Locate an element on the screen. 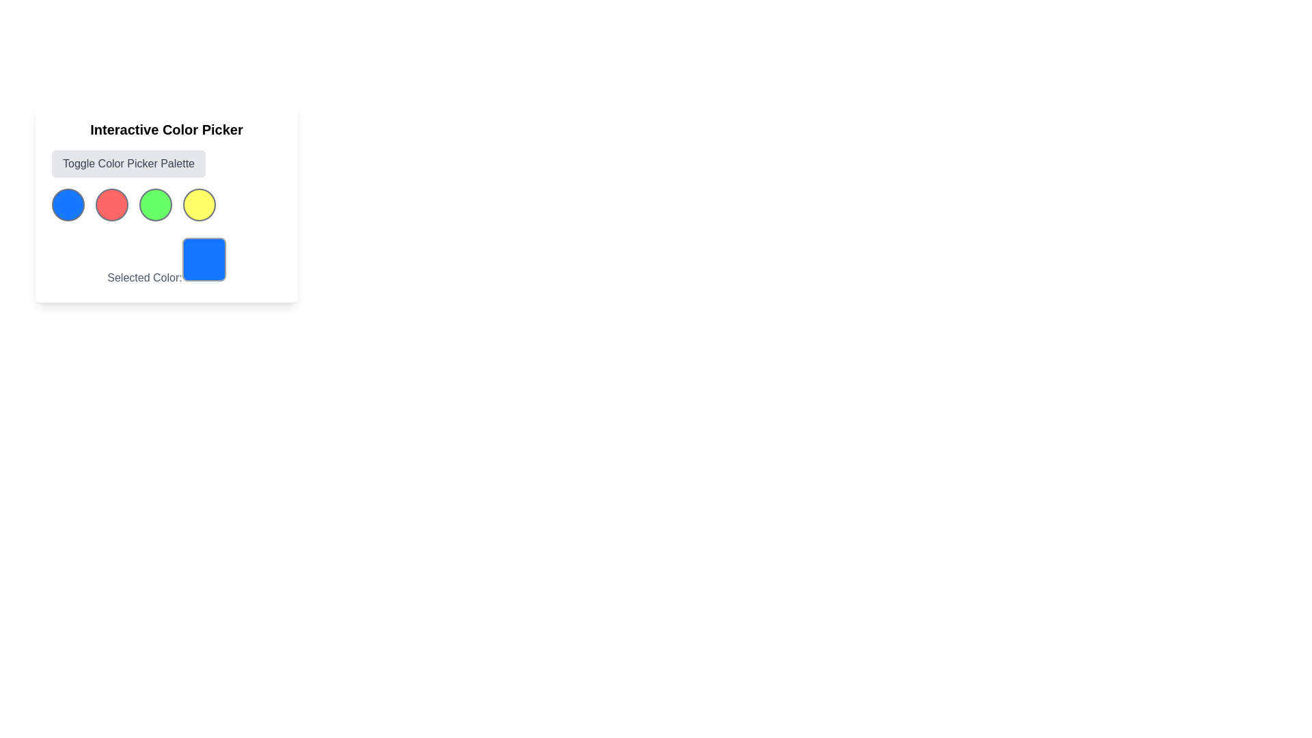 Image resolution: width=1312 pixels, height=738 pixels. the fourth circular button in the color selection section is located at coordinates (199, 205).